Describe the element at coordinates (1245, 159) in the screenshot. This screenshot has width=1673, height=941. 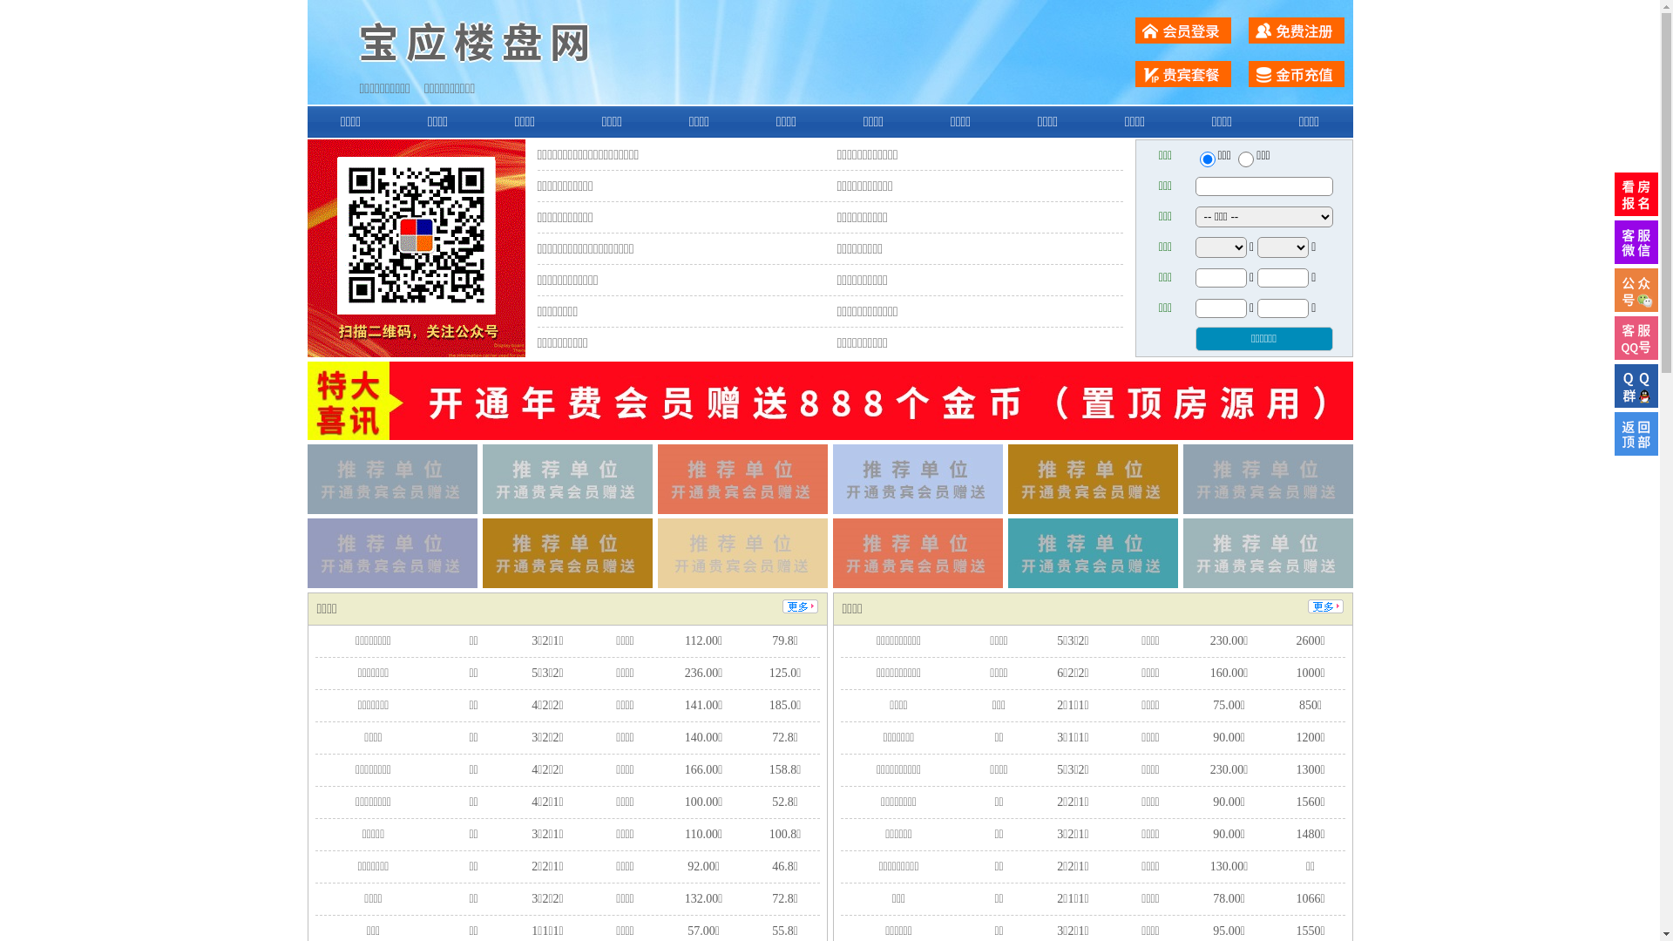
I see `'chuzu'` at that location.